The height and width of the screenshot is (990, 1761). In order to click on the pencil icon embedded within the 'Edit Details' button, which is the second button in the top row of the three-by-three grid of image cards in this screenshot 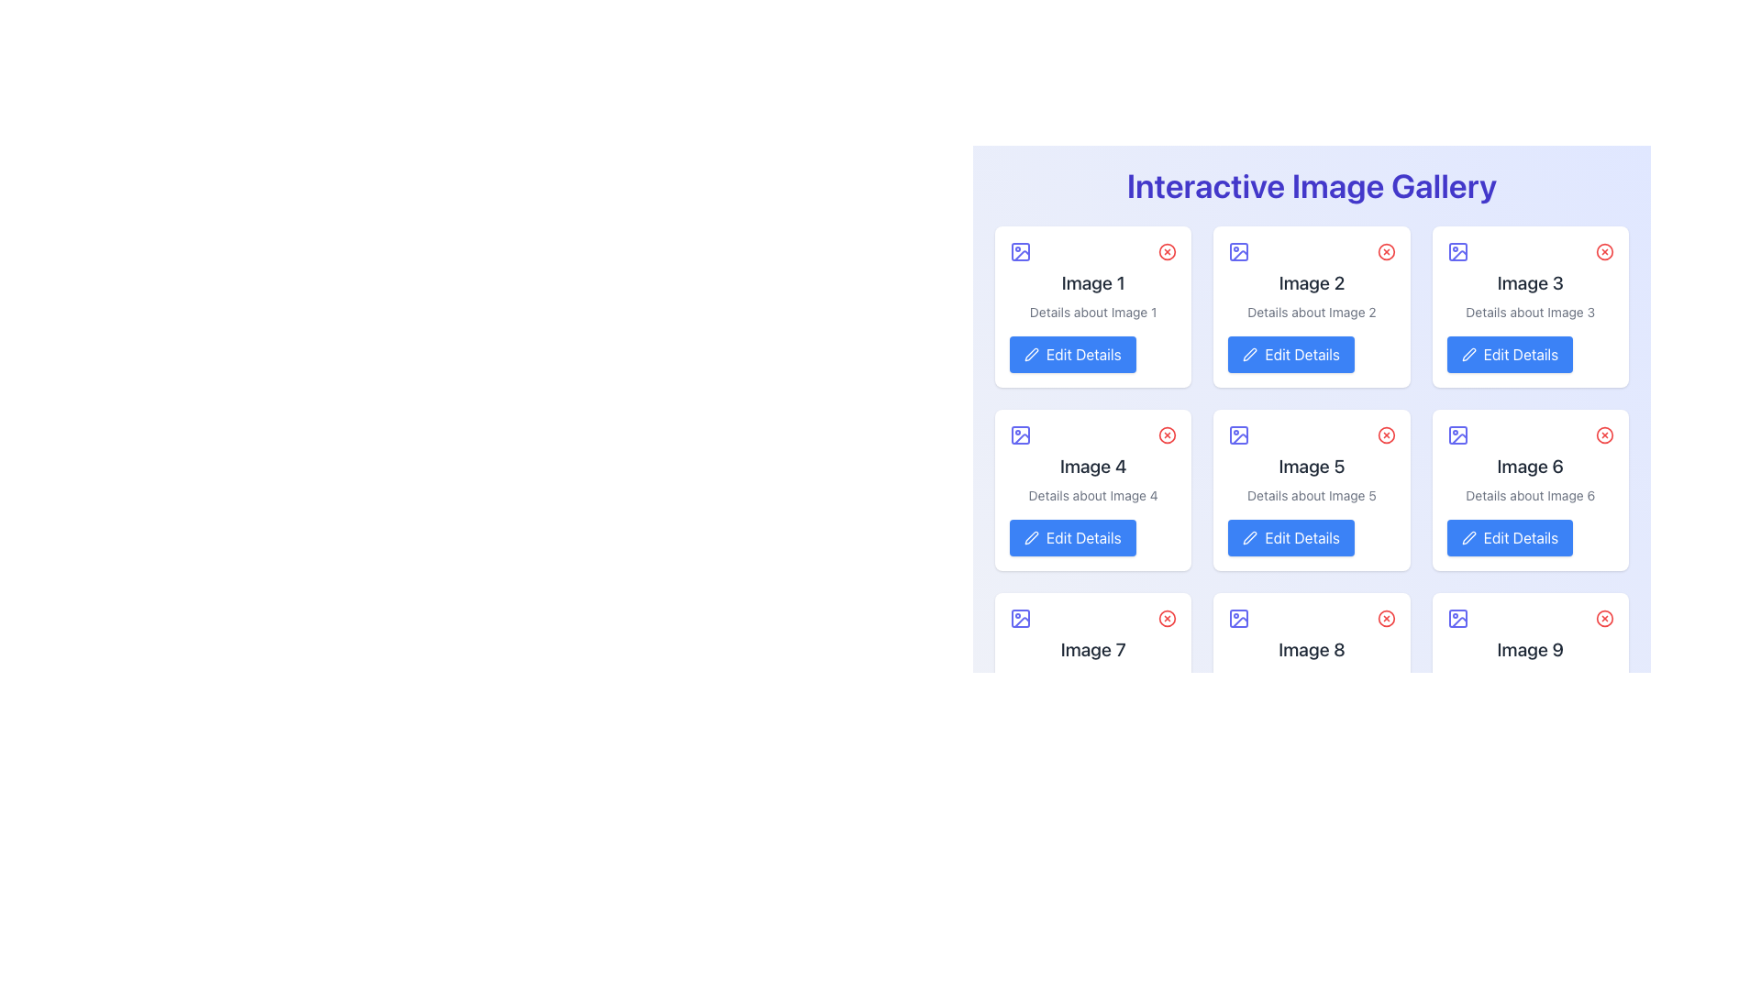, I will do `click(1249, 354)`.